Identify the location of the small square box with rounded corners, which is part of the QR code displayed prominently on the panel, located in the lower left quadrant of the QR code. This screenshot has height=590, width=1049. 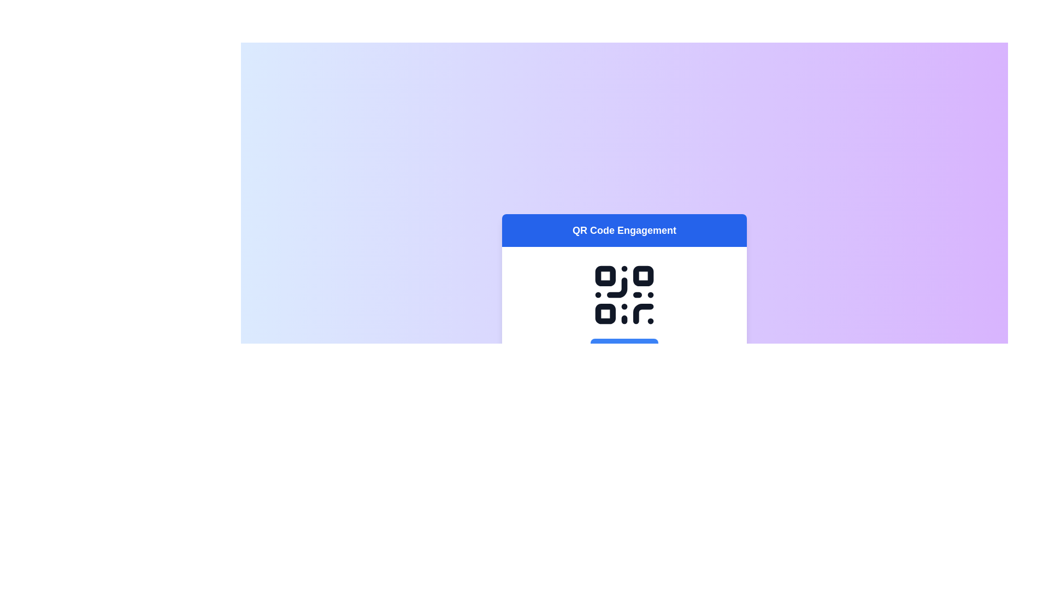
(605, 314).